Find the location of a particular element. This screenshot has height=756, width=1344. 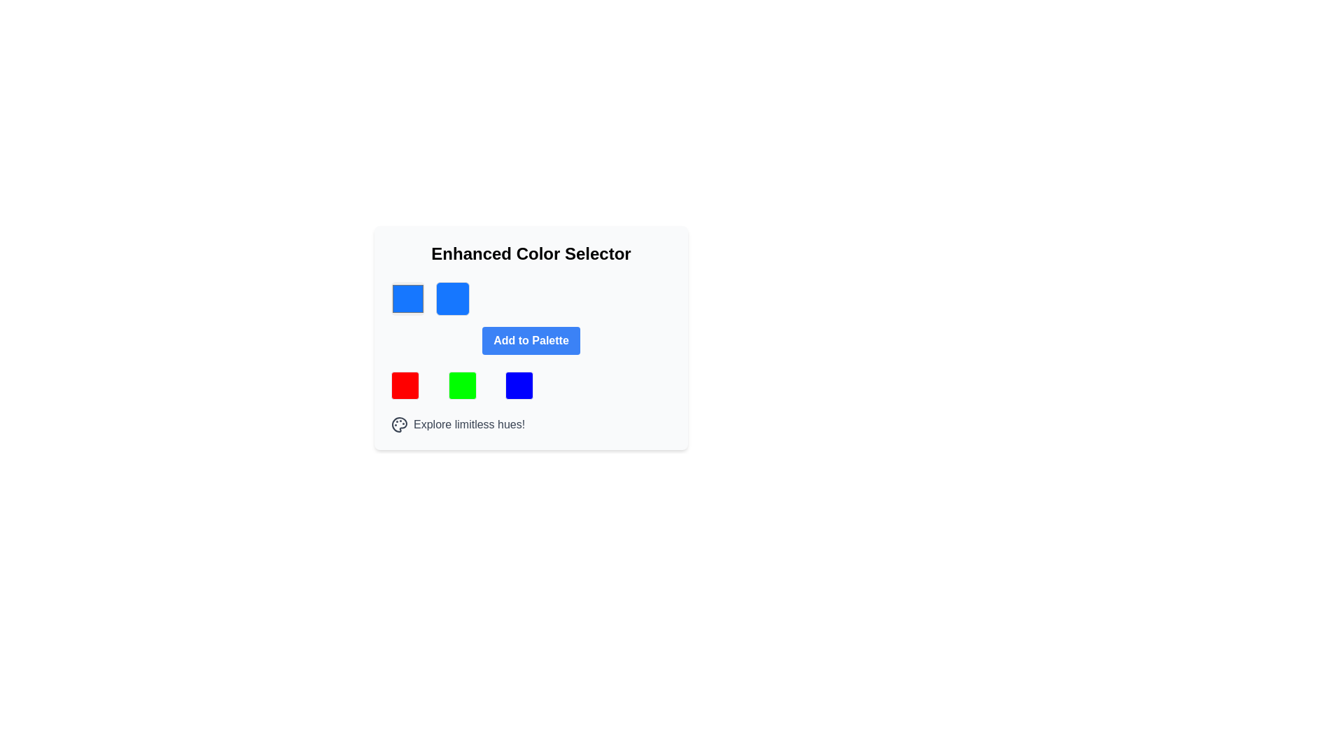

the button for adding a selected color to the palette located in the 'Enhanced Color Selector' section to trigger the hover effect is located at coordinates (530, 337).